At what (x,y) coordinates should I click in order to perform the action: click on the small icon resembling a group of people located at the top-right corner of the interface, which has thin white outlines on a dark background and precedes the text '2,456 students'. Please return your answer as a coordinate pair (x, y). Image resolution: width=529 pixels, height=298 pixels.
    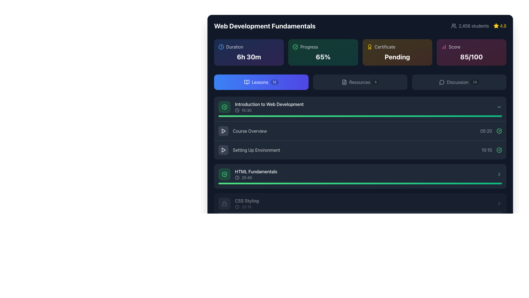
    Looking at the image, I should click on (454, 26).